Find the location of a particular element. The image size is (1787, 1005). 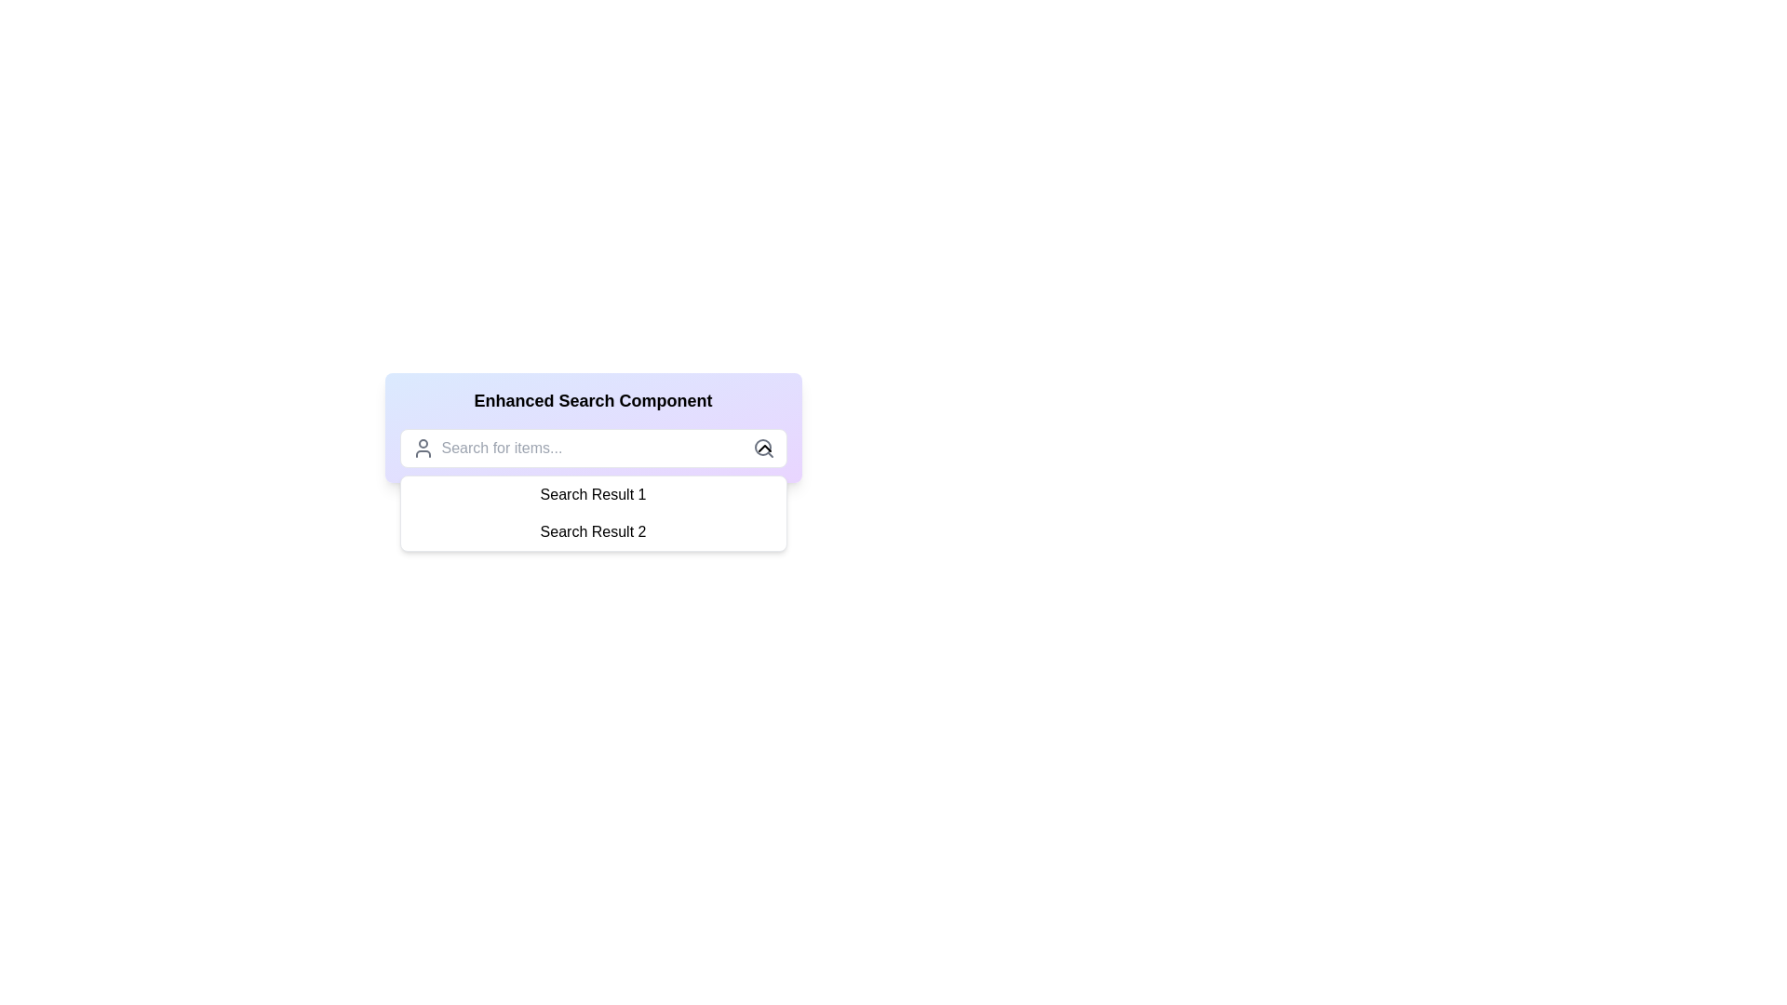

the circular icon located at the top-right corner of the search field, which is part of the search icon is located at coordinates (762, 448).